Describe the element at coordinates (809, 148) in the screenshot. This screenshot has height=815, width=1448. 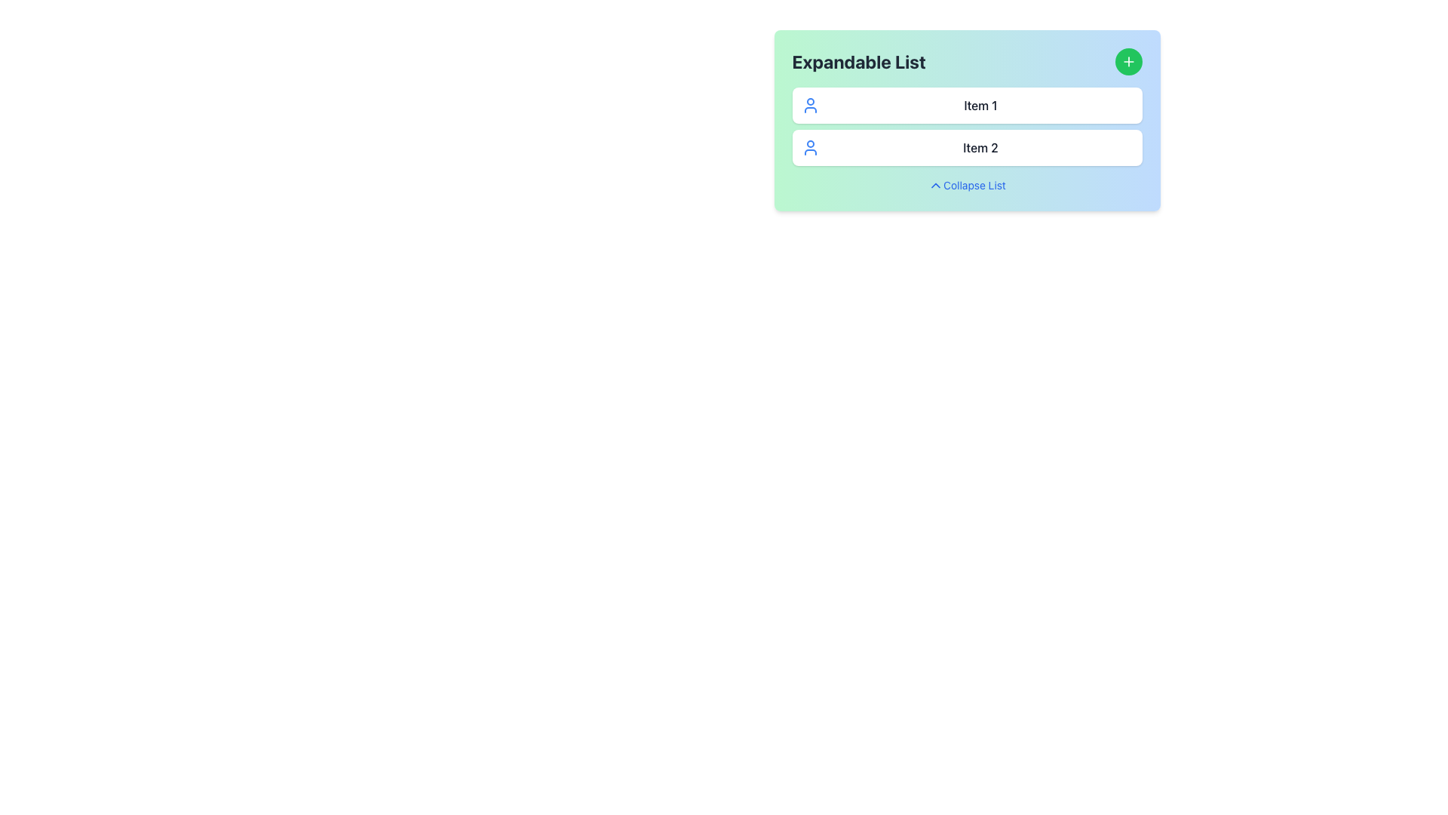
I see `the user icon element depicted with a blue outline style, which is located to the left of the text 'Item 2' in the expandable list titled 'Expandable List'` at that location.